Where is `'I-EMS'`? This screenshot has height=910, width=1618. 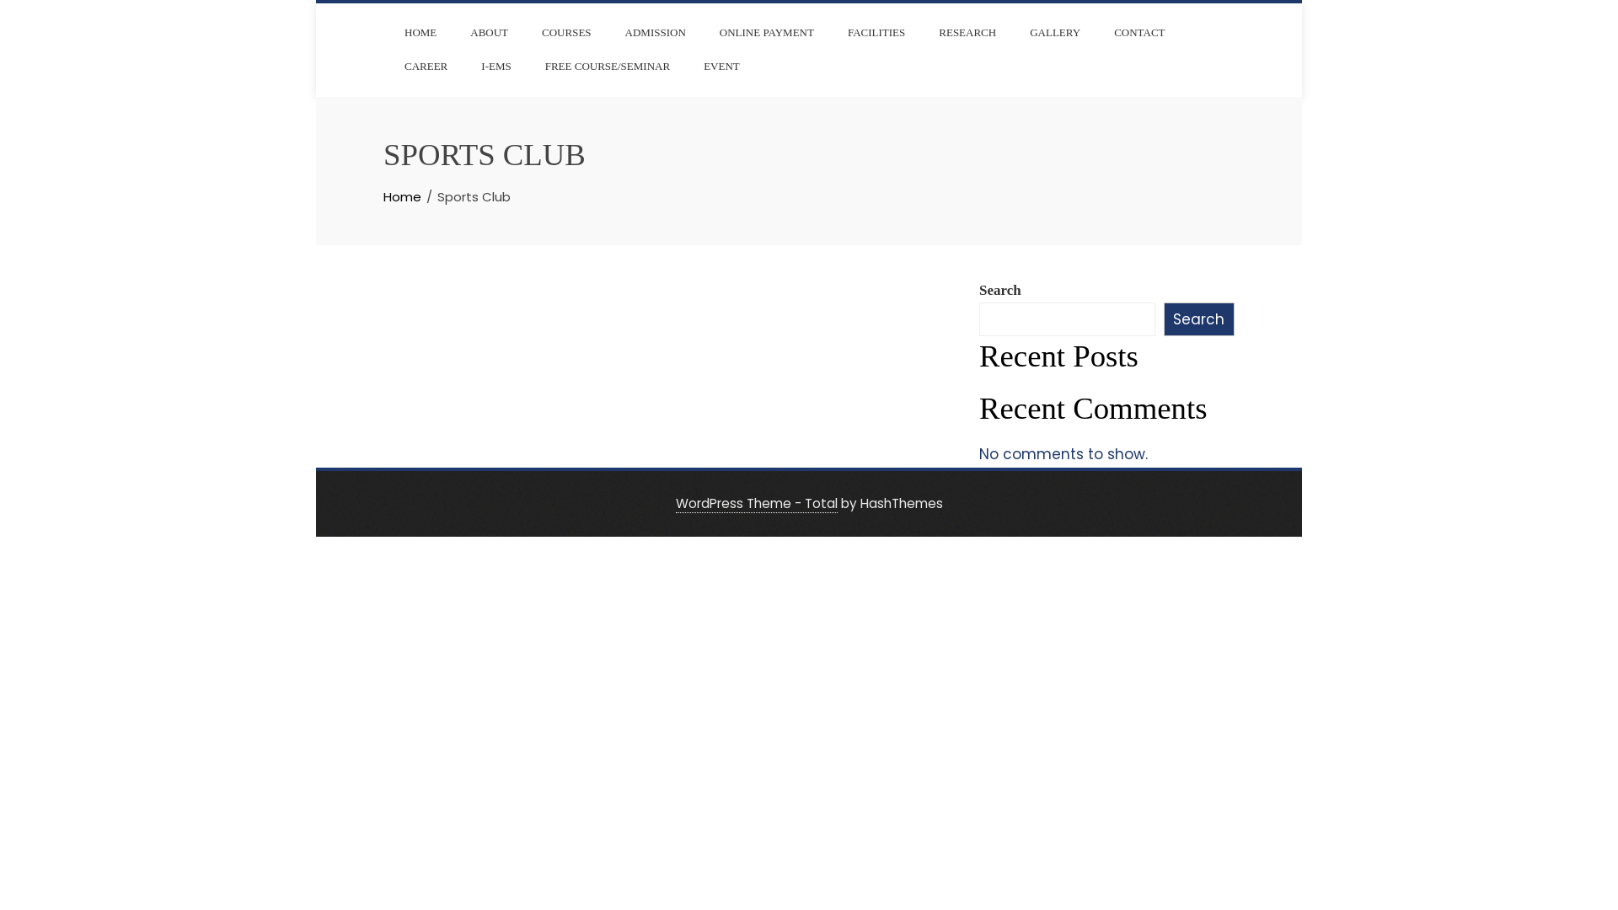 'I-EMS' is located at coordinates (469, 65).